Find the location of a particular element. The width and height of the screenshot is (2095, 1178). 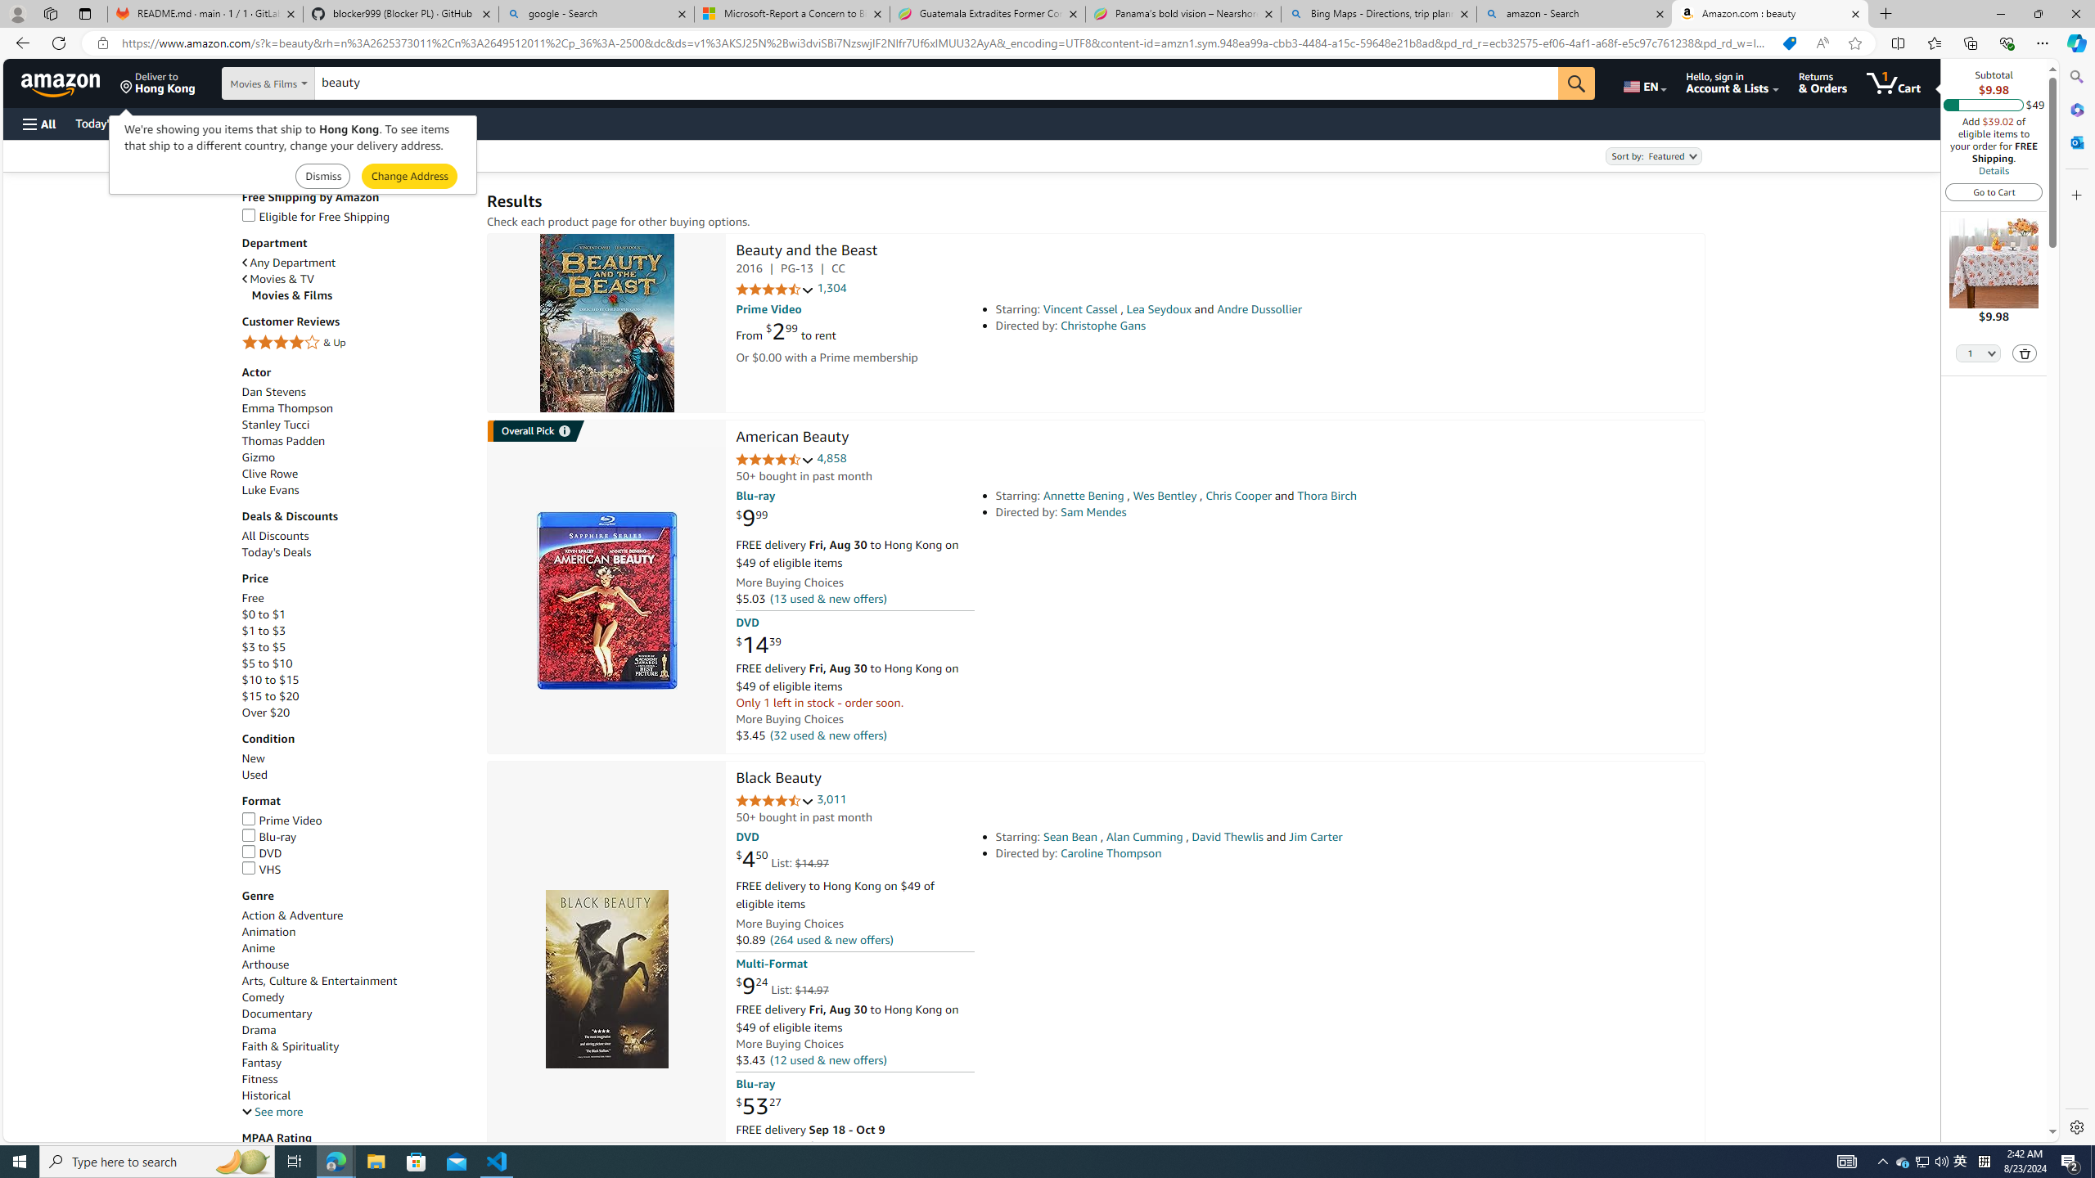

'Wes Bentley' is located at coordinates (1164, 495).